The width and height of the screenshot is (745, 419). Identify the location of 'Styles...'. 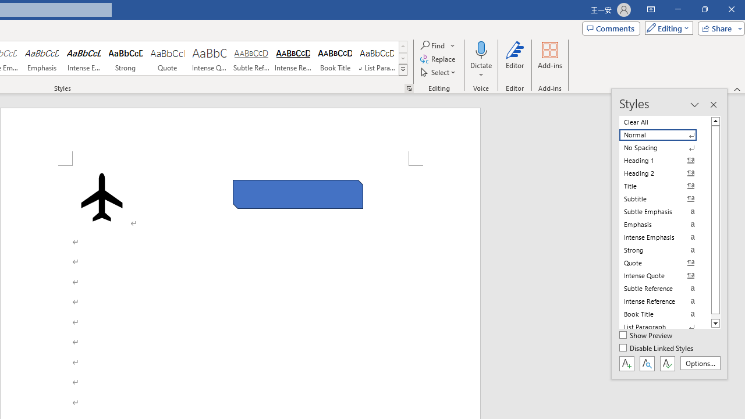
(409, 87).